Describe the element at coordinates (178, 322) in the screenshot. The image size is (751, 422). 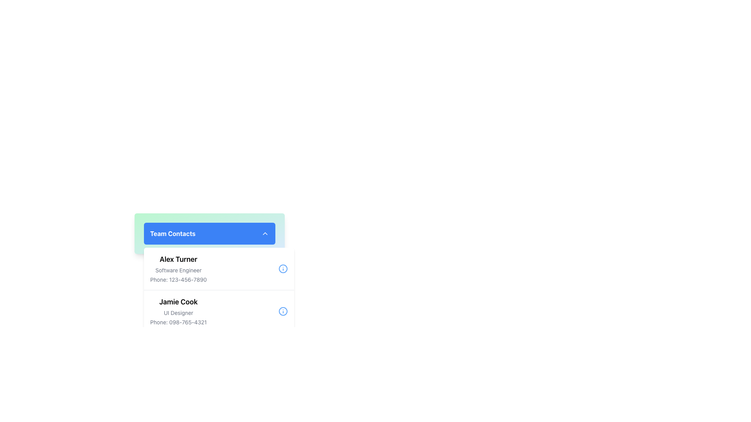
I see `the static text display showing the phone number 'Phone: 098-765-4321', which is part of the contact information for 'Jamie Cook'` at that location.